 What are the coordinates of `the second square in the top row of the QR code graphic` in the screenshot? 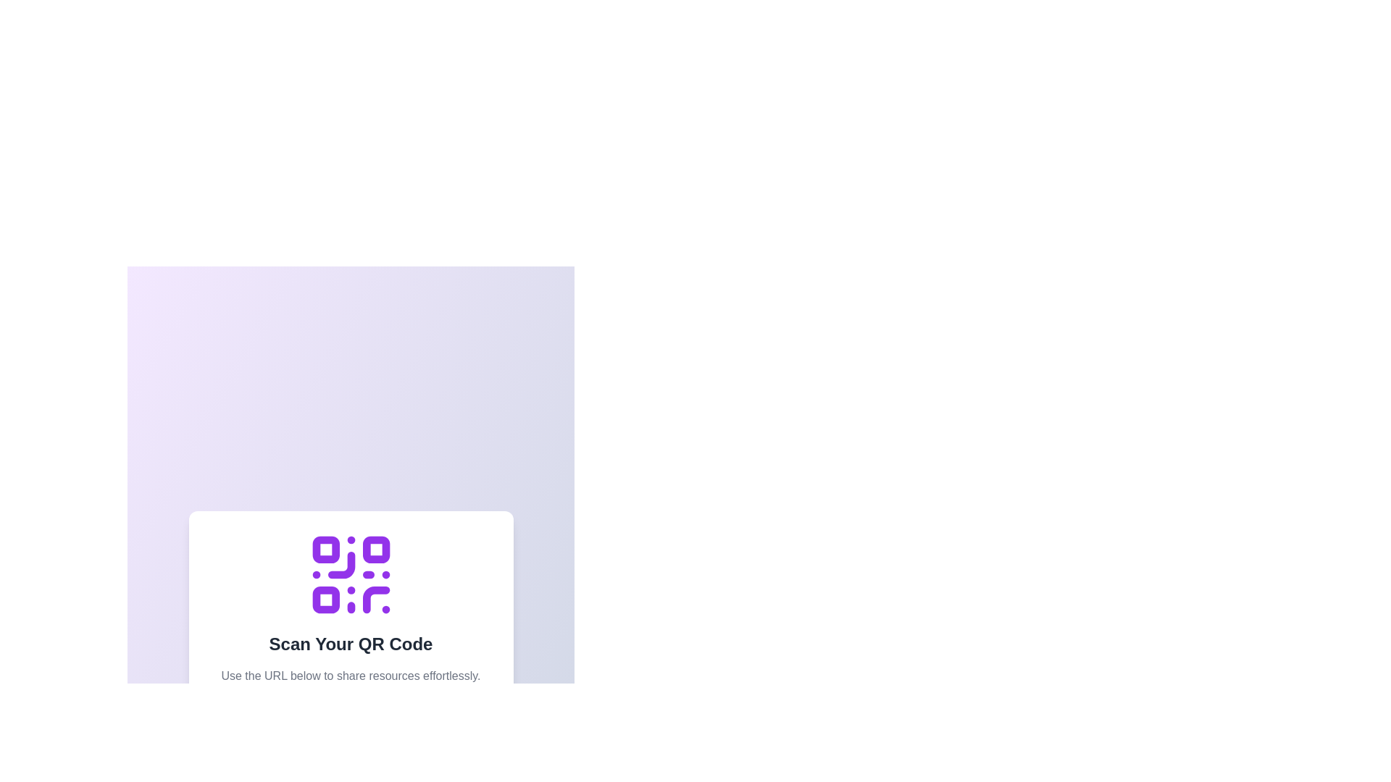 It's located at (376, 550).